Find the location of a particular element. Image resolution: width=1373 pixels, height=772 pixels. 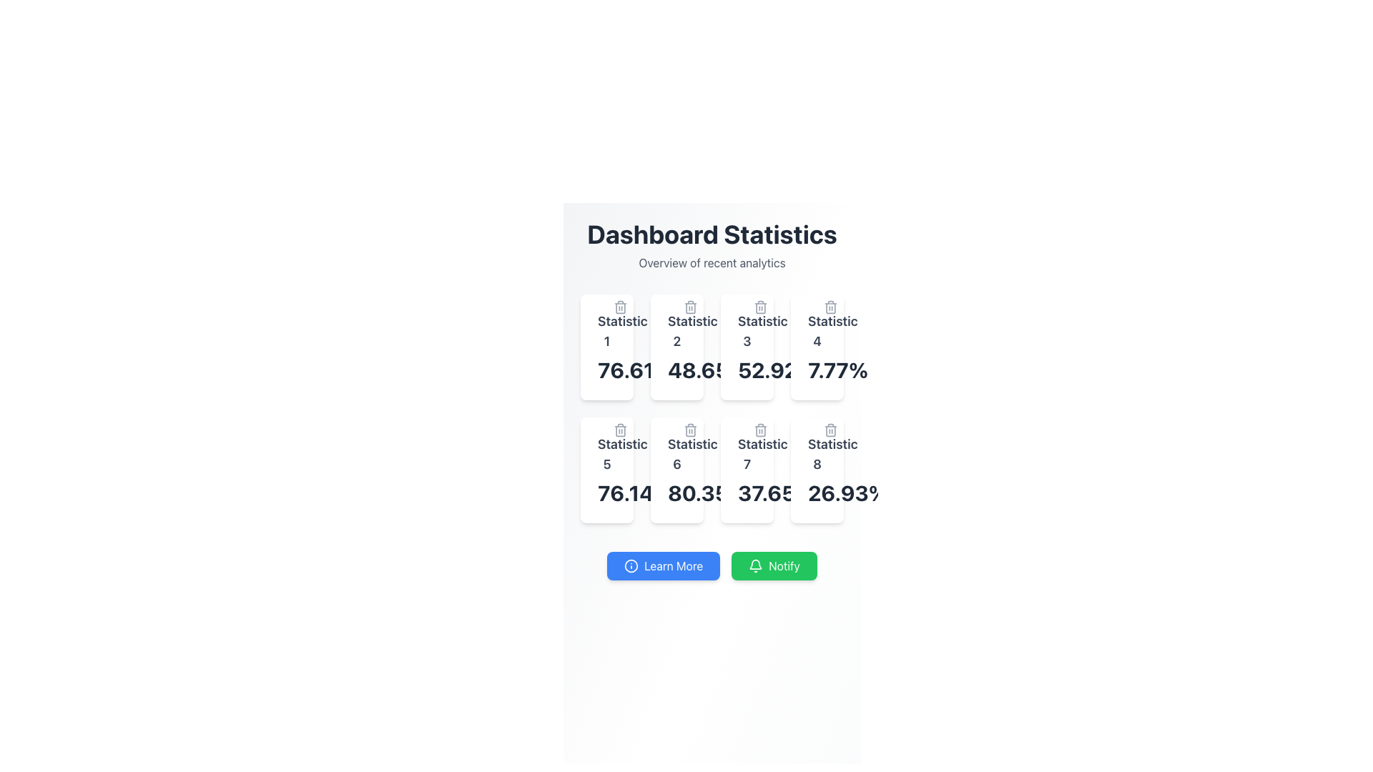

the Delete Icon located in the top-right corner of the card labeled 'Statistic 1' on the dashboard, which allows users to remove this statistic from their view is located at coordinates (621, 306).